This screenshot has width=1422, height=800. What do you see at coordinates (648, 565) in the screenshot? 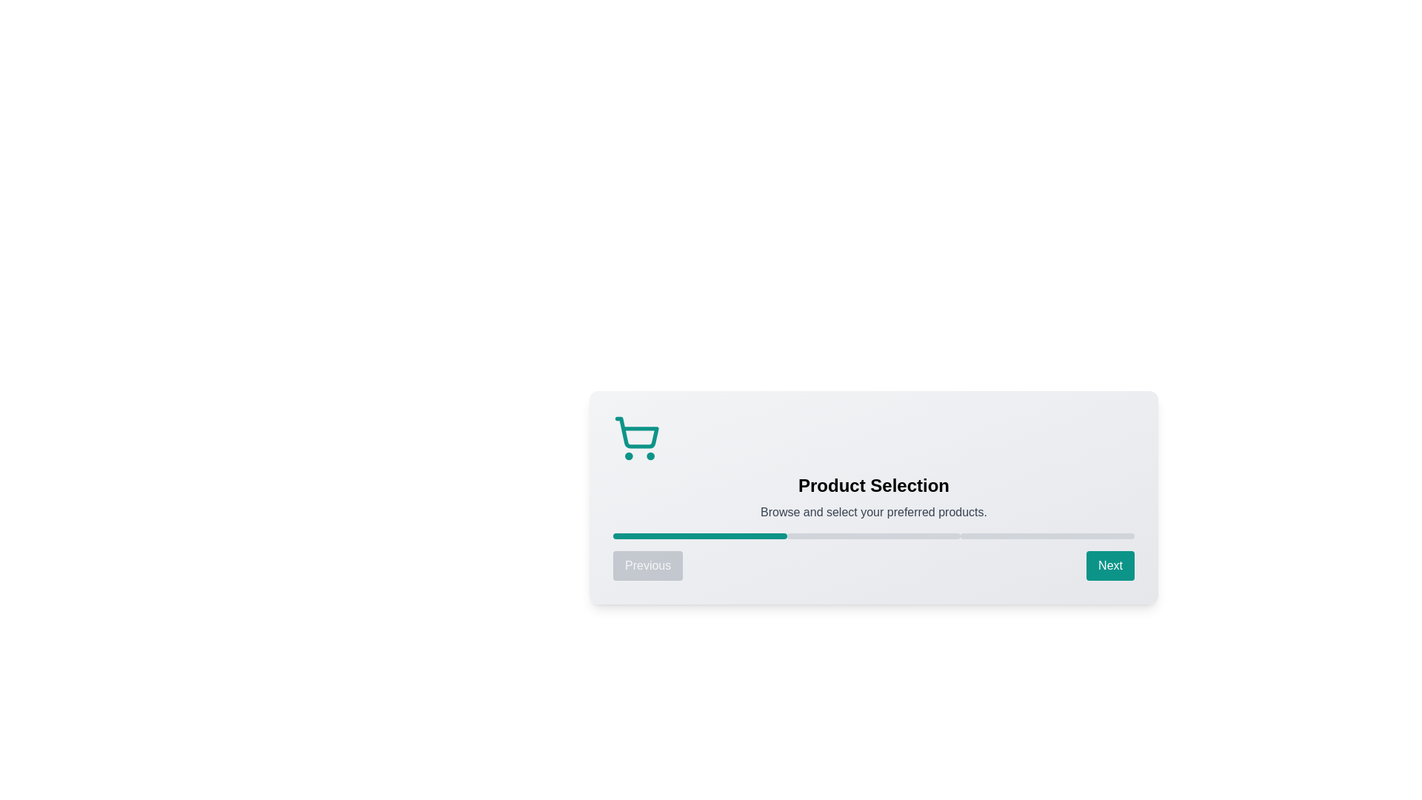
I see `the 'Previous' button to navigate to the previous step` at bounding box center [648, 565].